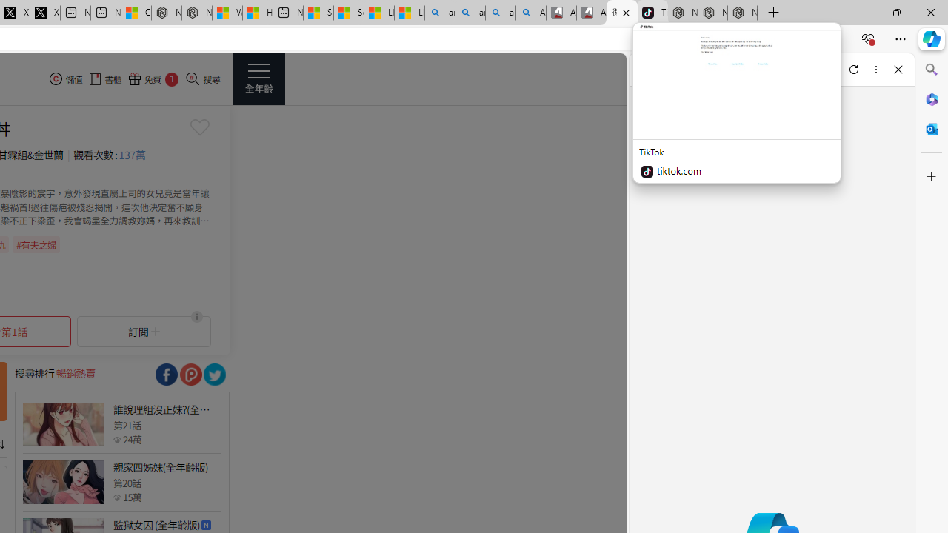  What do you see at coordinates (742, 13) in the screenshot?
I see `'Nordace - Siena Pro 15 Essential Set'` at bounding box center [742, 13].